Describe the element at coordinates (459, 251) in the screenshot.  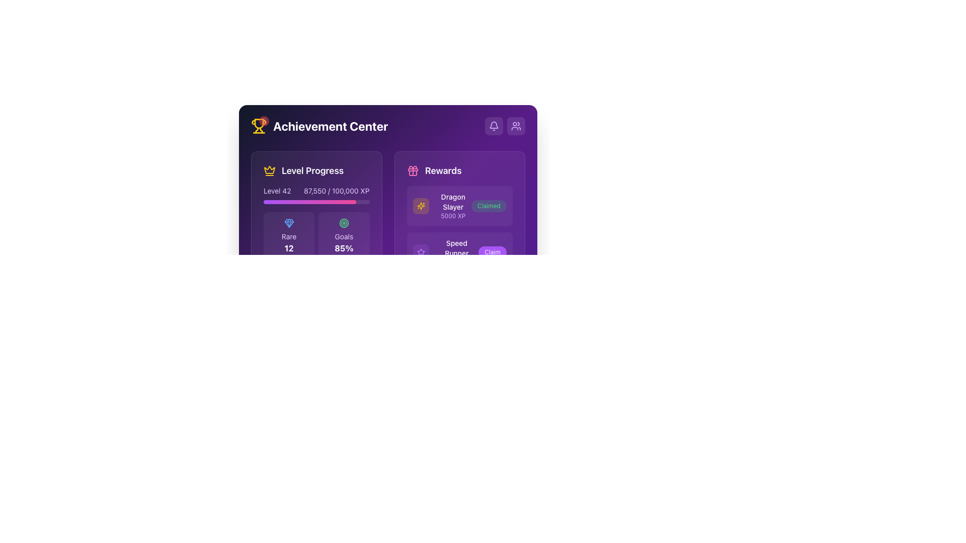
I see `the 'Claim' button of the second reward card labeled 'Speed Runner 3000 XP'` at that location.